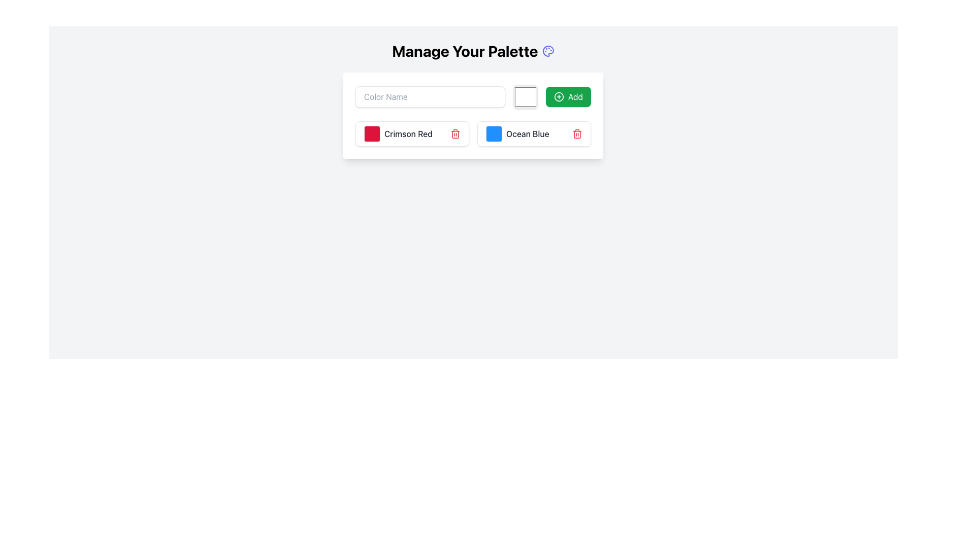 Image resolution: width=975 pixels, height=548 pixels. I want to click on the crimson red color swatch in the first Color item card located under the 'Manage Your Palette' section, so click(412, 133).